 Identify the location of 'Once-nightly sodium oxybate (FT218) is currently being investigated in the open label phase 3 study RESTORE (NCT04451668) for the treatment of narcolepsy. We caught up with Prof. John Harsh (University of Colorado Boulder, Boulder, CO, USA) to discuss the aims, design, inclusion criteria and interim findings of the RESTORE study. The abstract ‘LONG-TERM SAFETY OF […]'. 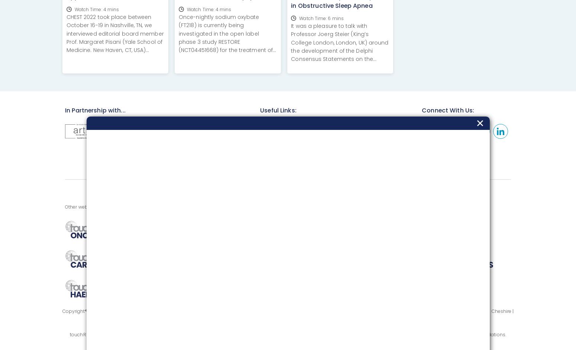
(178, 62).